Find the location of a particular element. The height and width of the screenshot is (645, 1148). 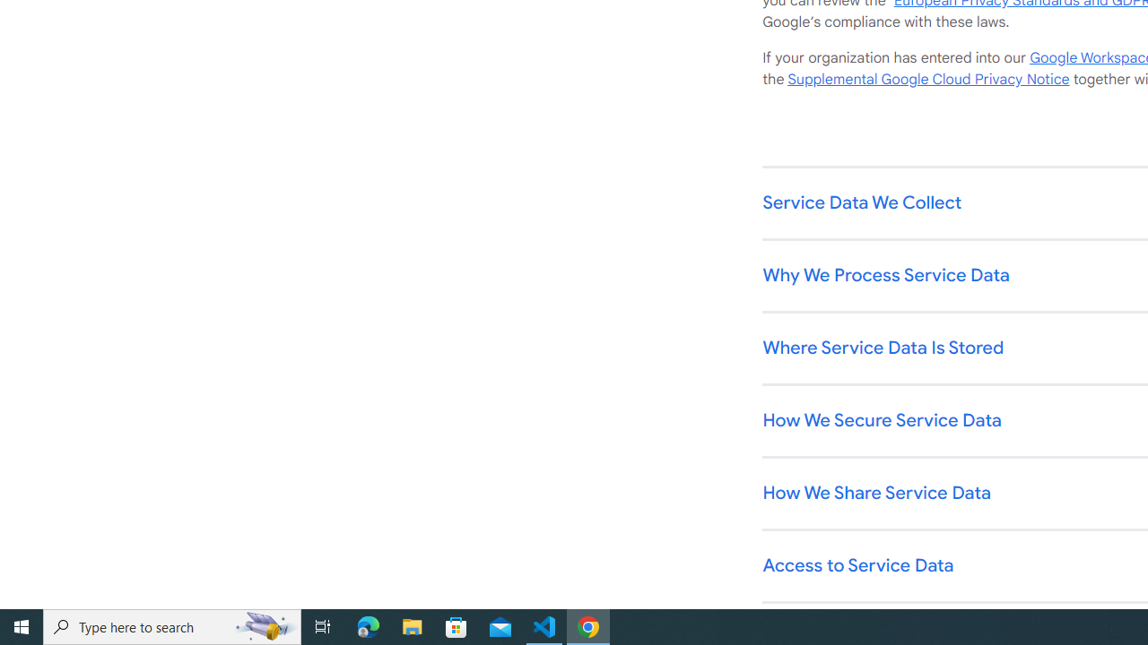

'Supplemental Google Cloud Privacy Notice' is located at coordinates (928, 79).